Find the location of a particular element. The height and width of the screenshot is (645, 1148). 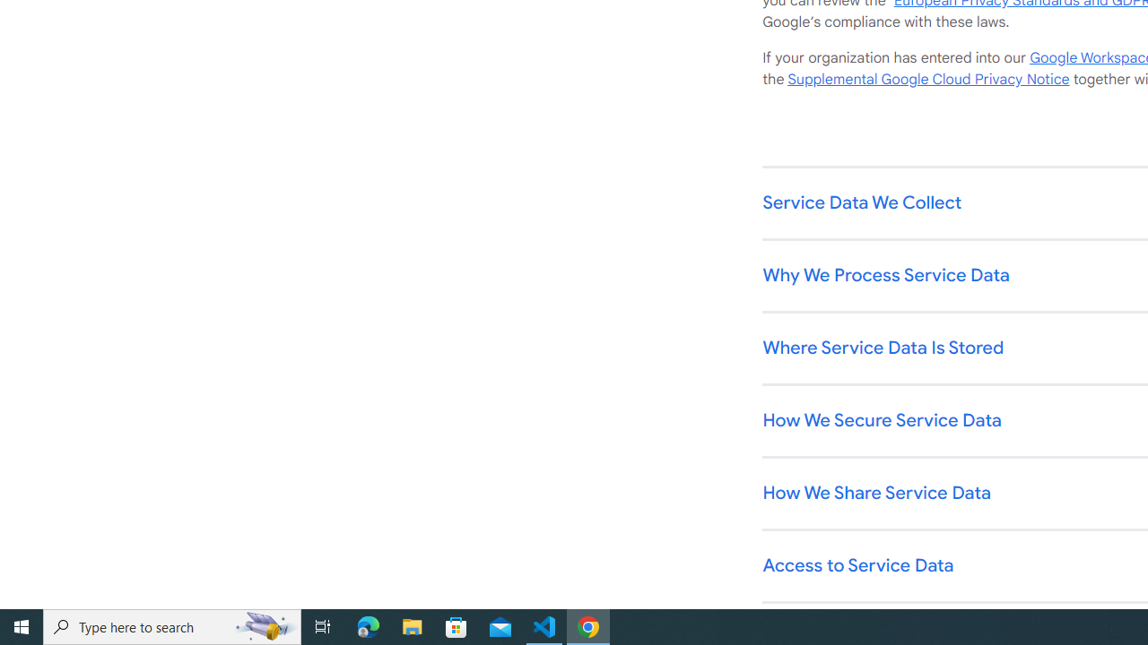

'Supplemental Google Cloud Privacy Notice' is located at coordinates (928, 79).